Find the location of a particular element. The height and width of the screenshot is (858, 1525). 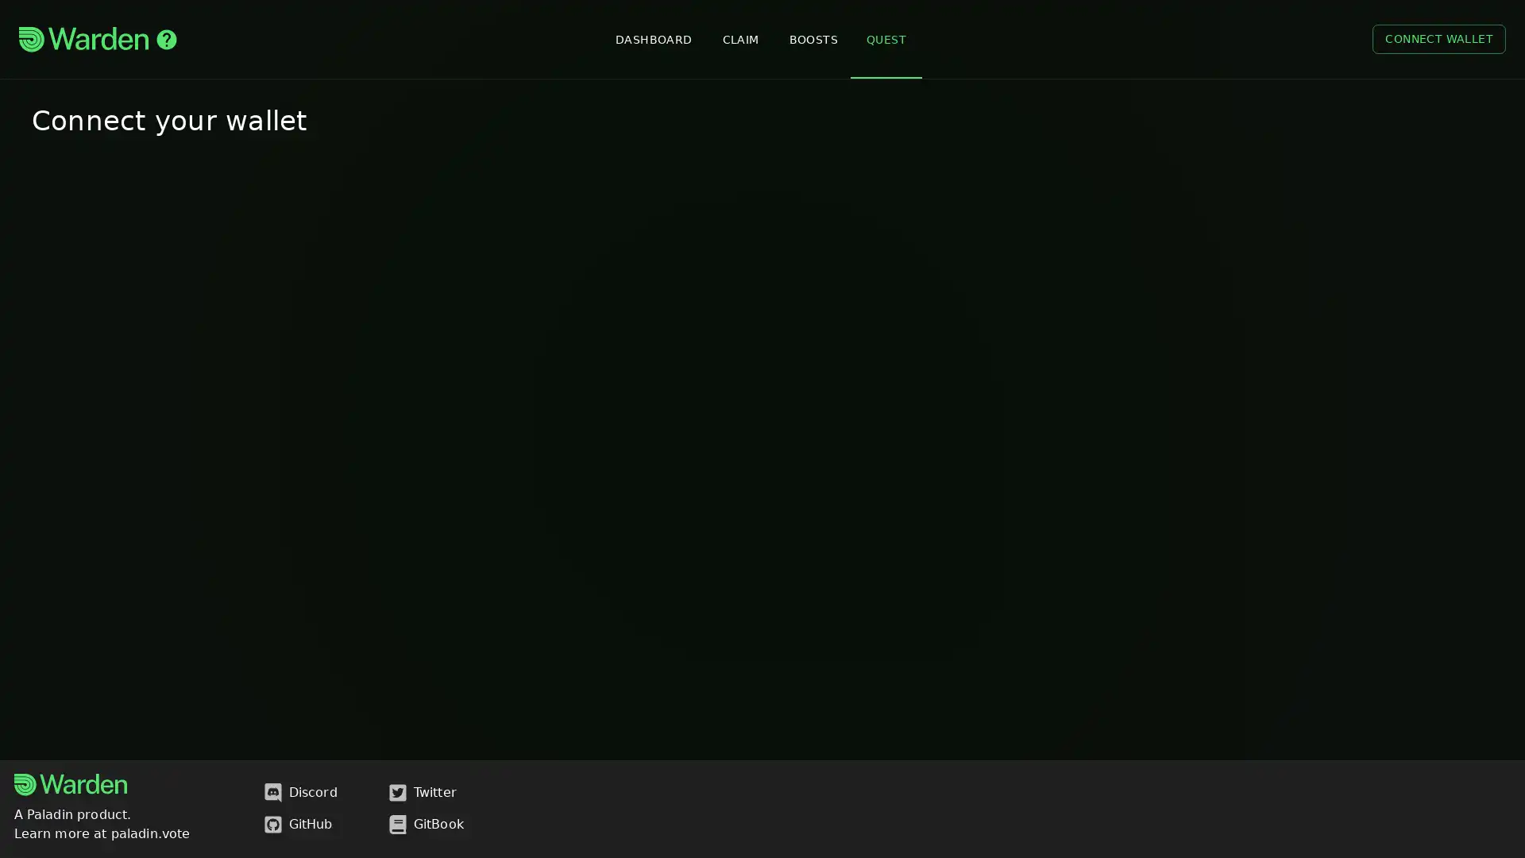

CONNECT WALLET is located at coordinates (1438, 38).